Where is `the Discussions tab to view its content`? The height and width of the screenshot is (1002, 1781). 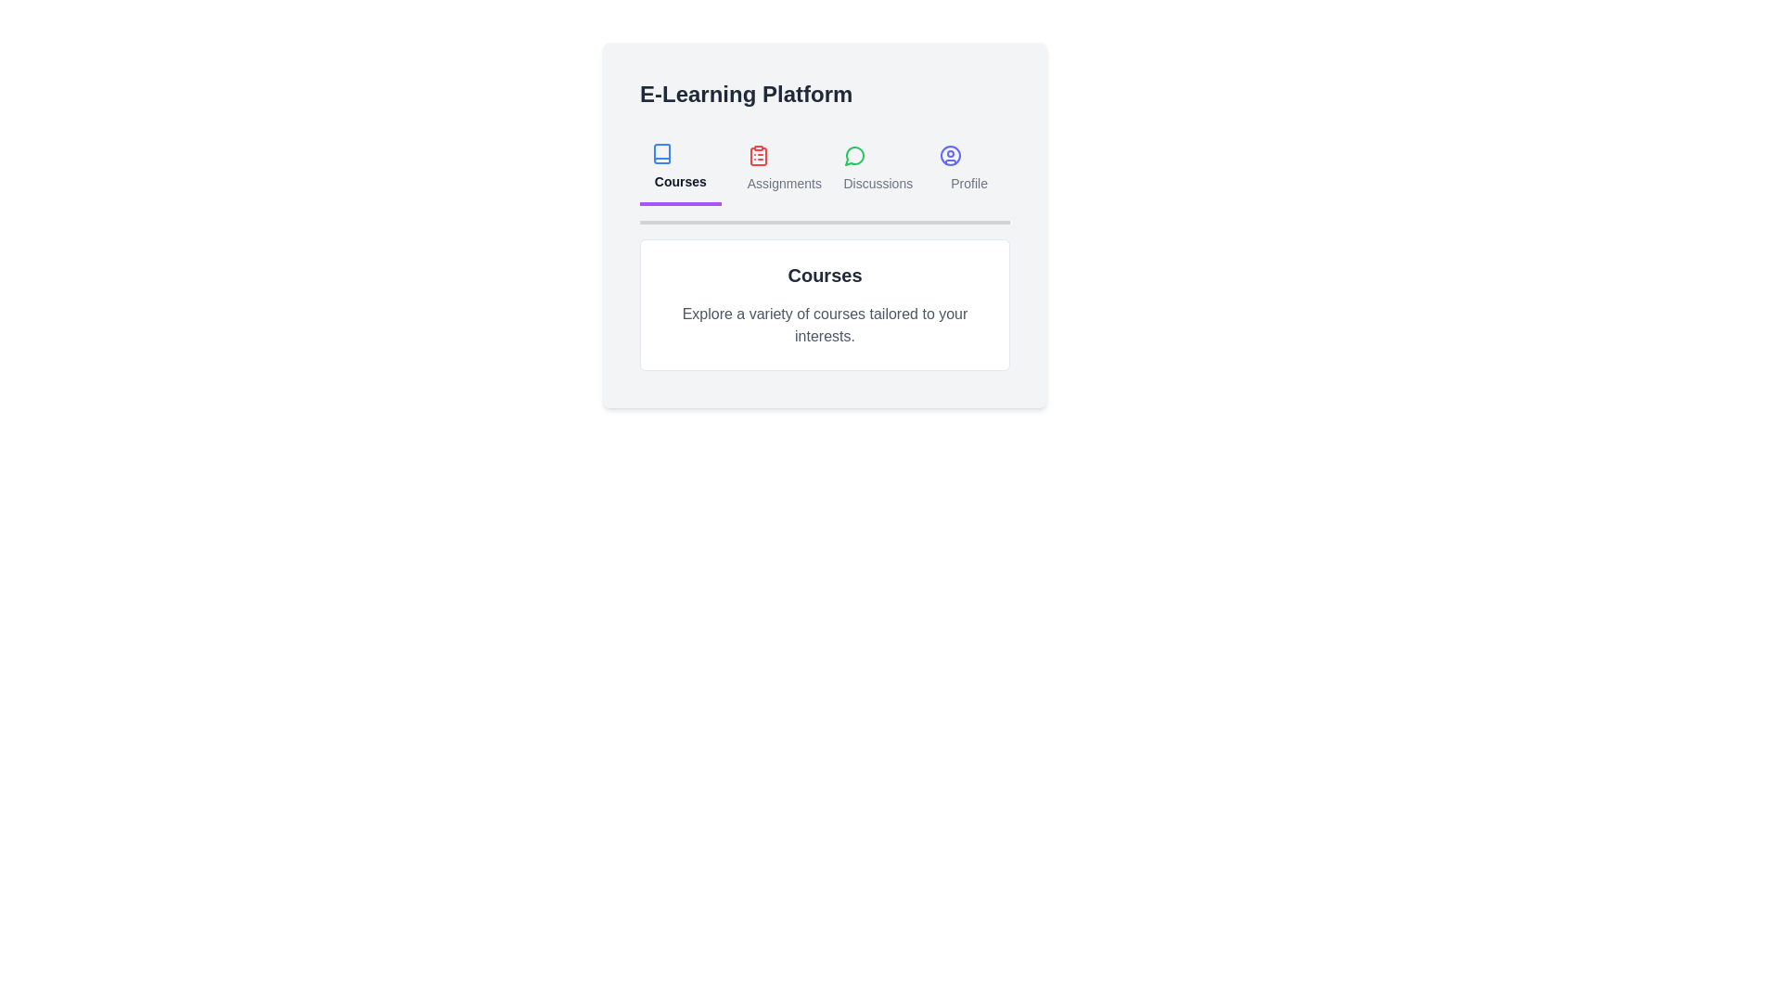 the Discussions tab to view its content is located at coordinates (872, 168).